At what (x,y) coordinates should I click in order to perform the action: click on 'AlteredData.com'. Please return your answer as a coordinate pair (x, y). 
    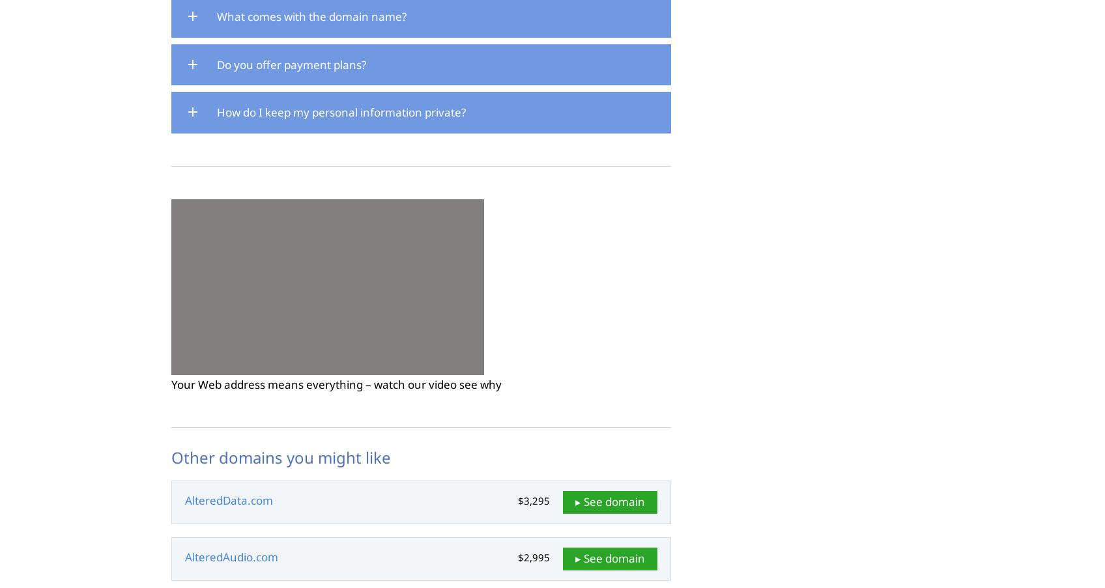
    Looking at the image, I should click on (229, 500).